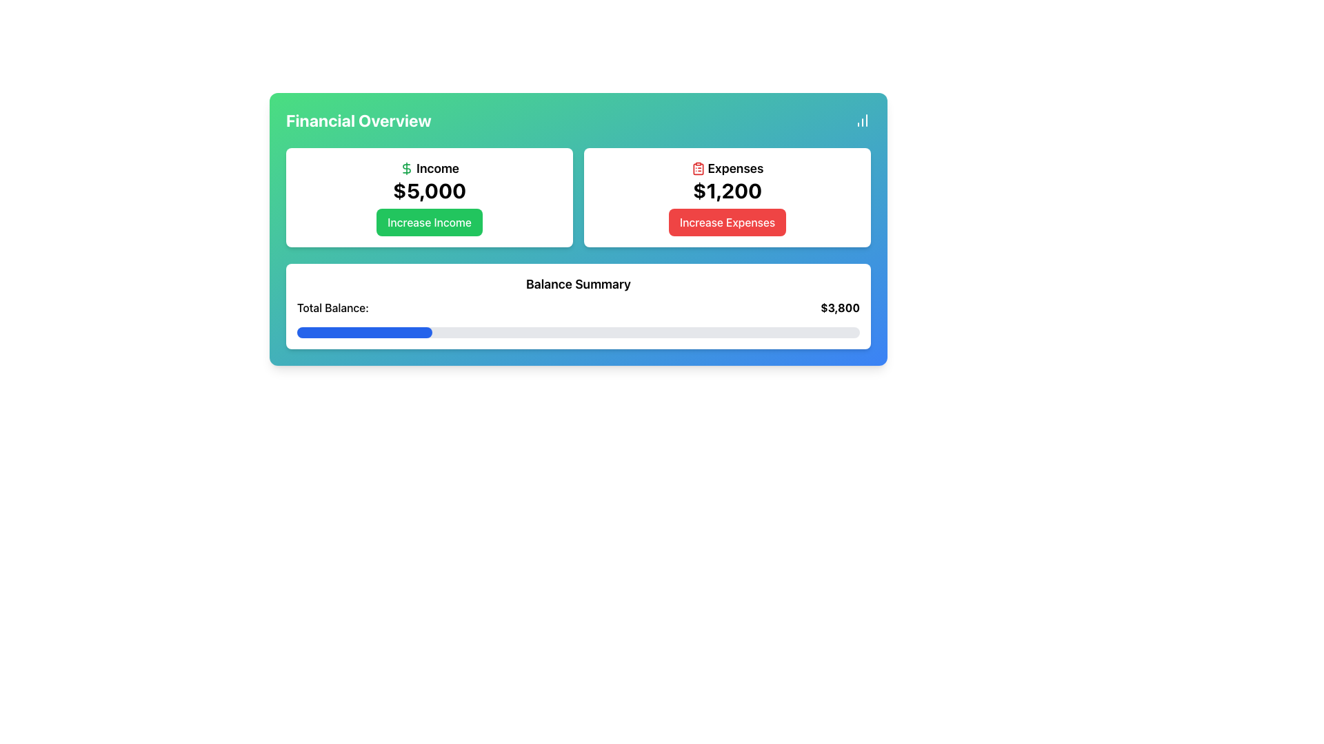  What do you see at coordinates (839, 307) in the screenshot?
I see `the Text Display that shows the monetary value labeled 'Total Balance:' located at the end of the row and aligned to the right margin` at bounding box center [839, 307].